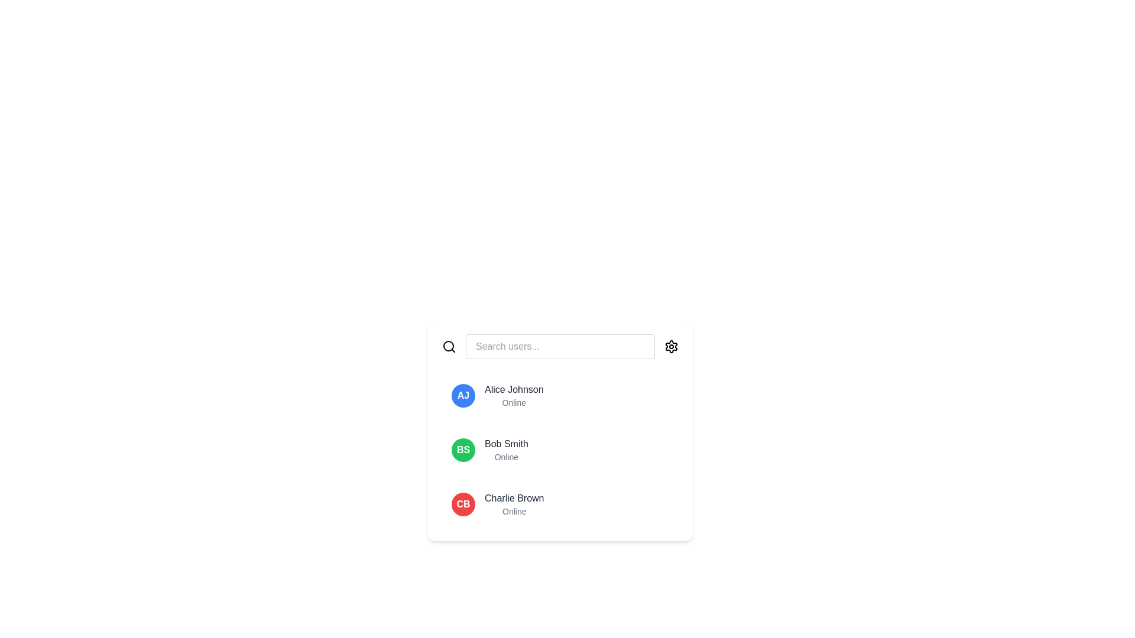 This screenshot has height=638, width=1135. I want to click on the Text Display element showing 'Bob Smith' and 'Online', which is located between 'Alice Johnson' and 'Charlie Brown' in the list, so click(506, 450).